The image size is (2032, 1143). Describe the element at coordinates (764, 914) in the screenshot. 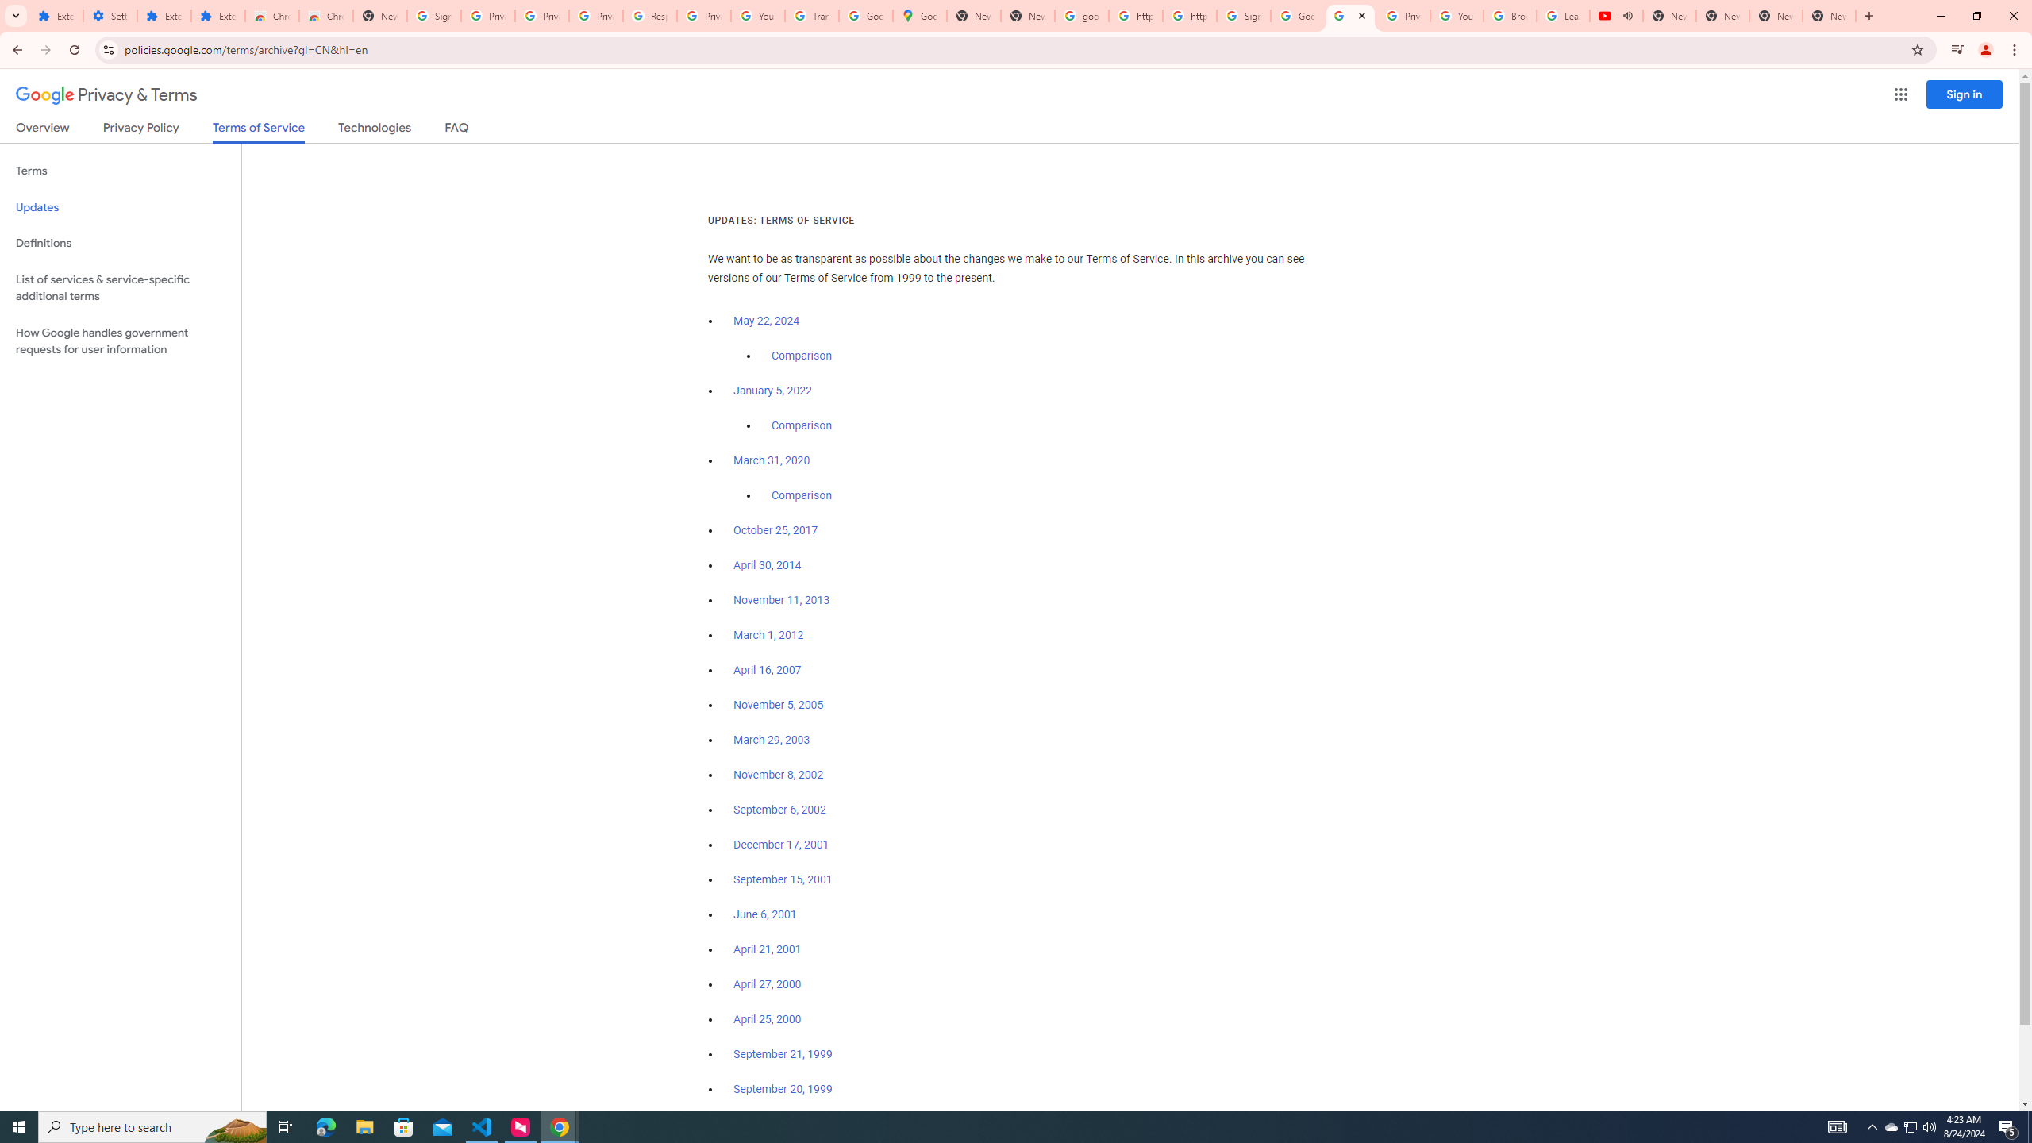

I see `'June 6, 2001'` at that location.